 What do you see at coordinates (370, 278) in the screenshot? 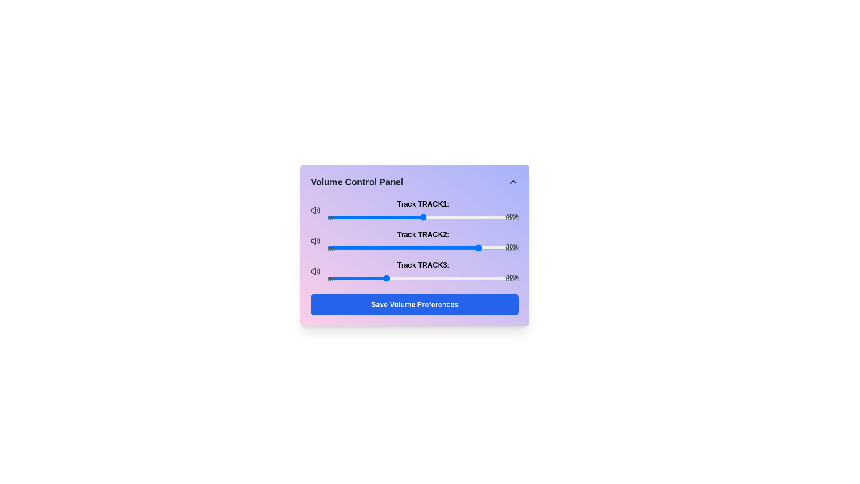
I see `the volume of Track TRACK3` at bounding box center [370, 278].